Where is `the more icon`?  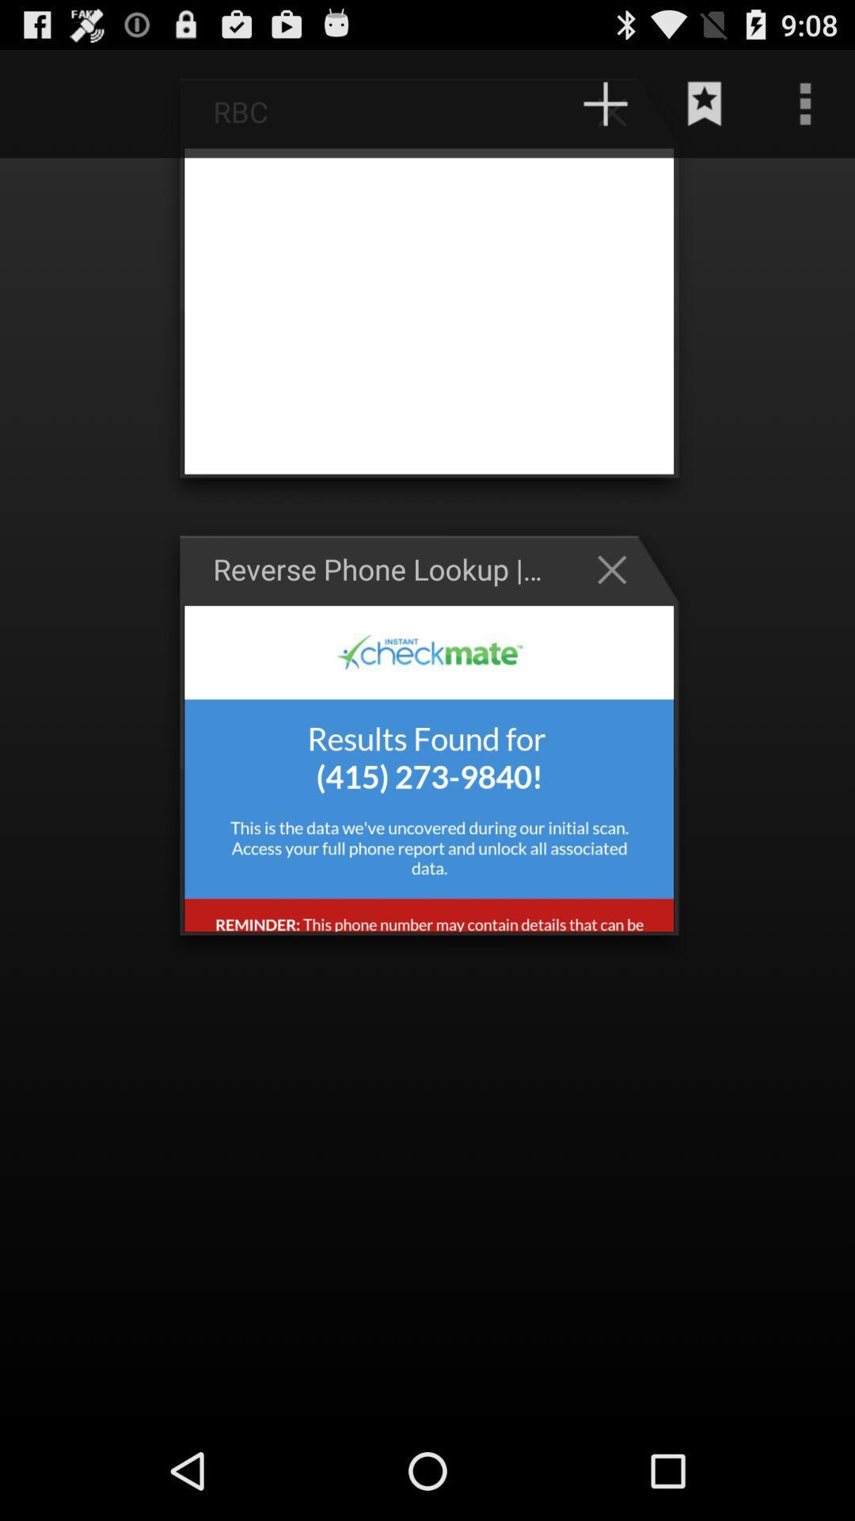 the more icon is located at coordinates (805, 110).